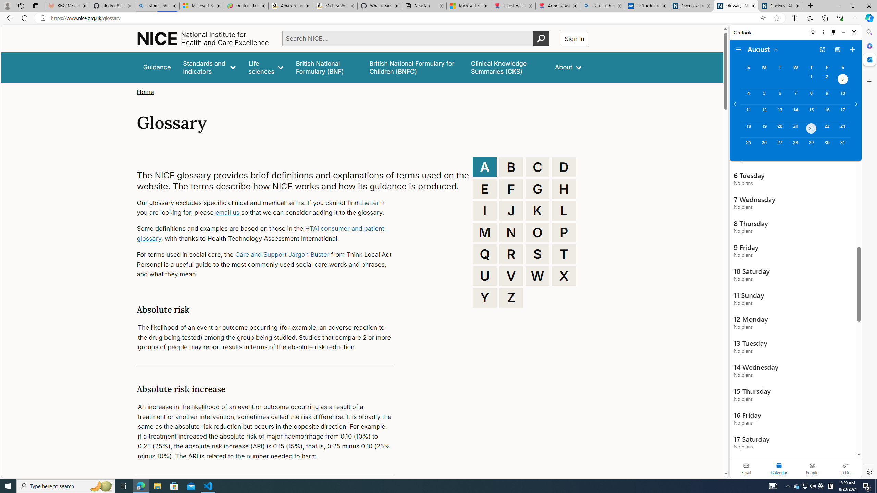  Describe the element at coordinates (827, 113) in the screenshot. I see `'Friday, August 16, 2024. '` at that location.